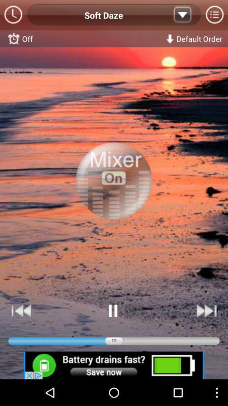  I want to click on the down option, so click(182, 15).